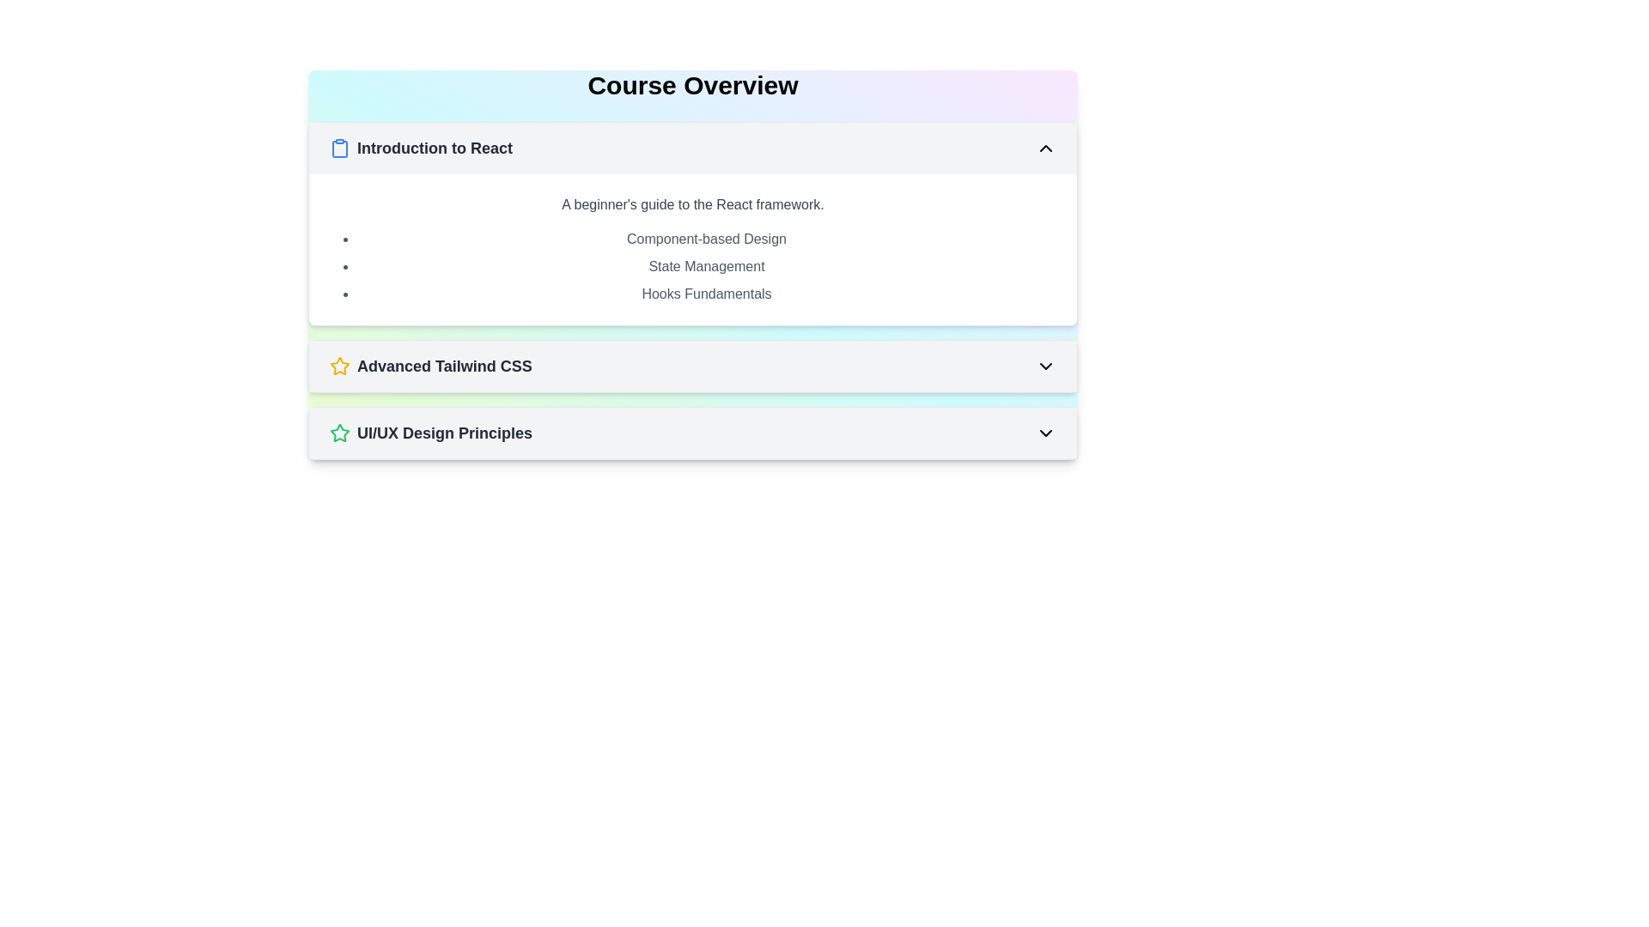 Image resolution: width=1649 pixels, height=927 pixels. I want to click on keyboard navigation, so click(421, 148).